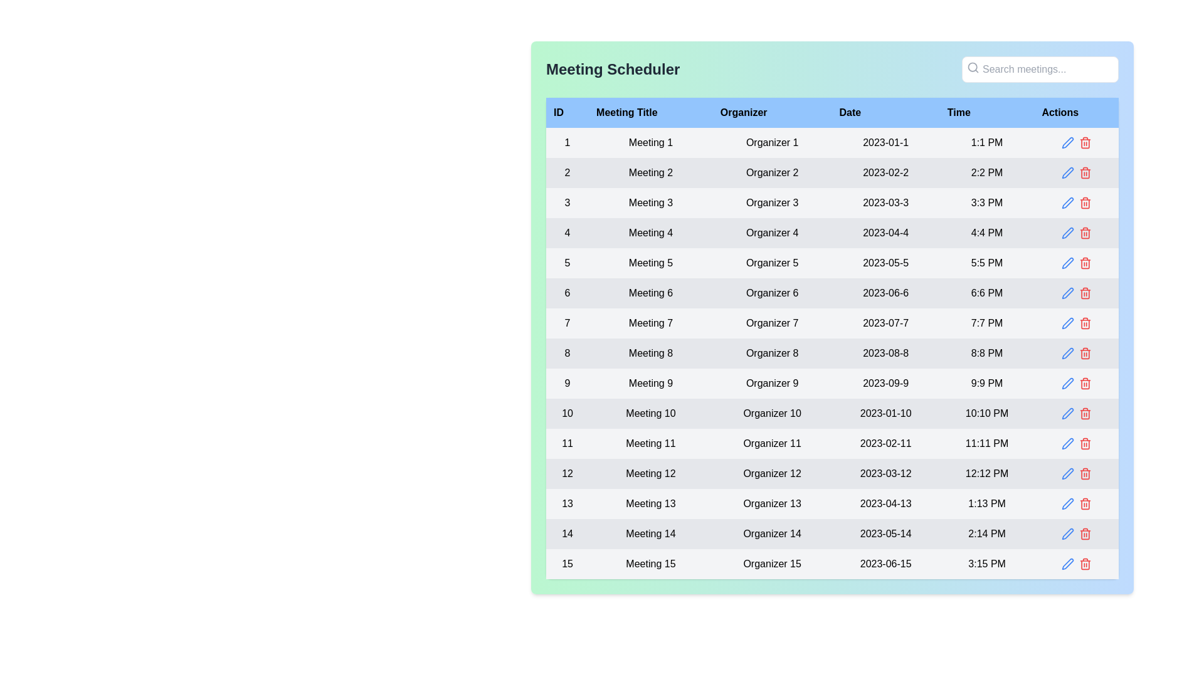 The height and width of the screenshot is (677, 1204). I want to click on the static text display showing the time information ('3:3 PM') for the meeting organized by 'Organizer 3' in the third row of the table, so click(986, 202).